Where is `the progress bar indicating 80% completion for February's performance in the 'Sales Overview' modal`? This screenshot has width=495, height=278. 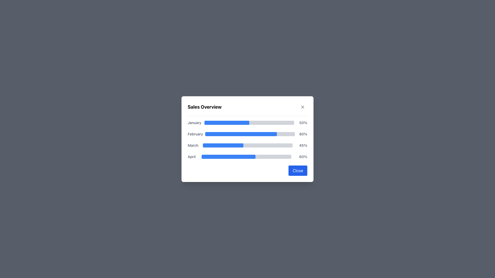
the progress bar indicating 80% completion for February's performance in the 'Sales Overview' modal is located at coordinates (241, 134).